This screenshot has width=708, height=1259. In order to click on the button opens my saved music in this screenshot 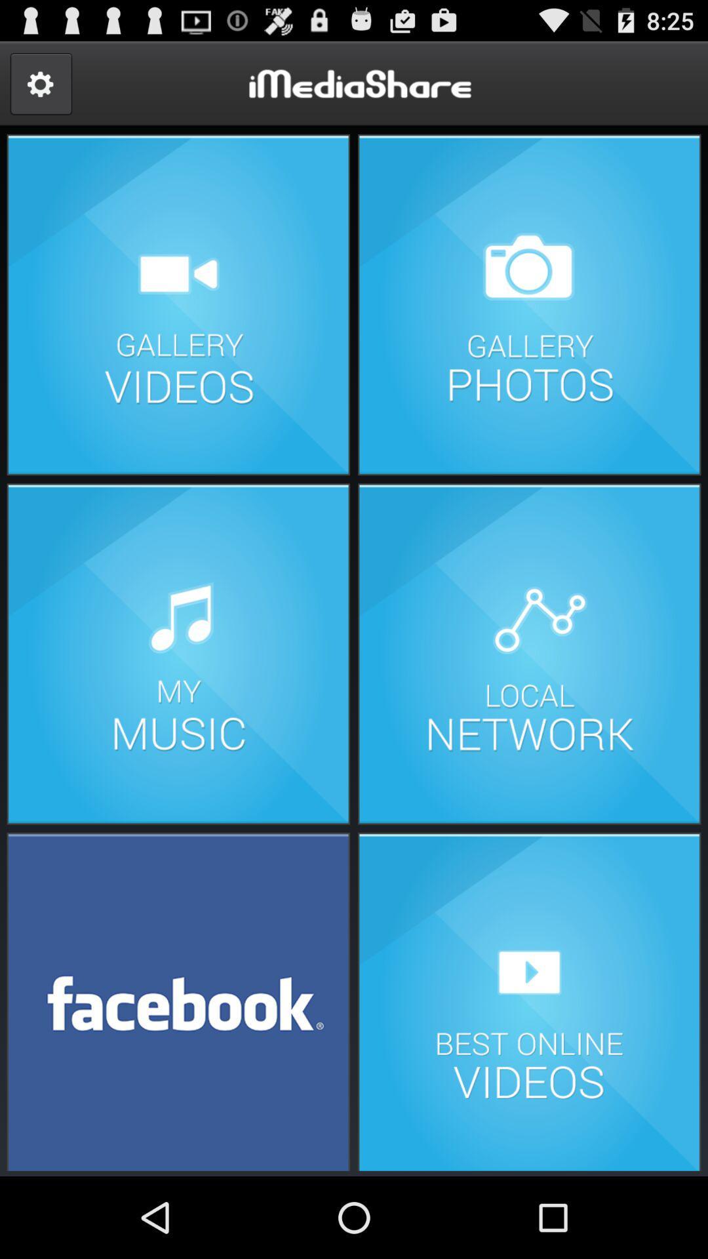, I will do `click(178, 654)`.